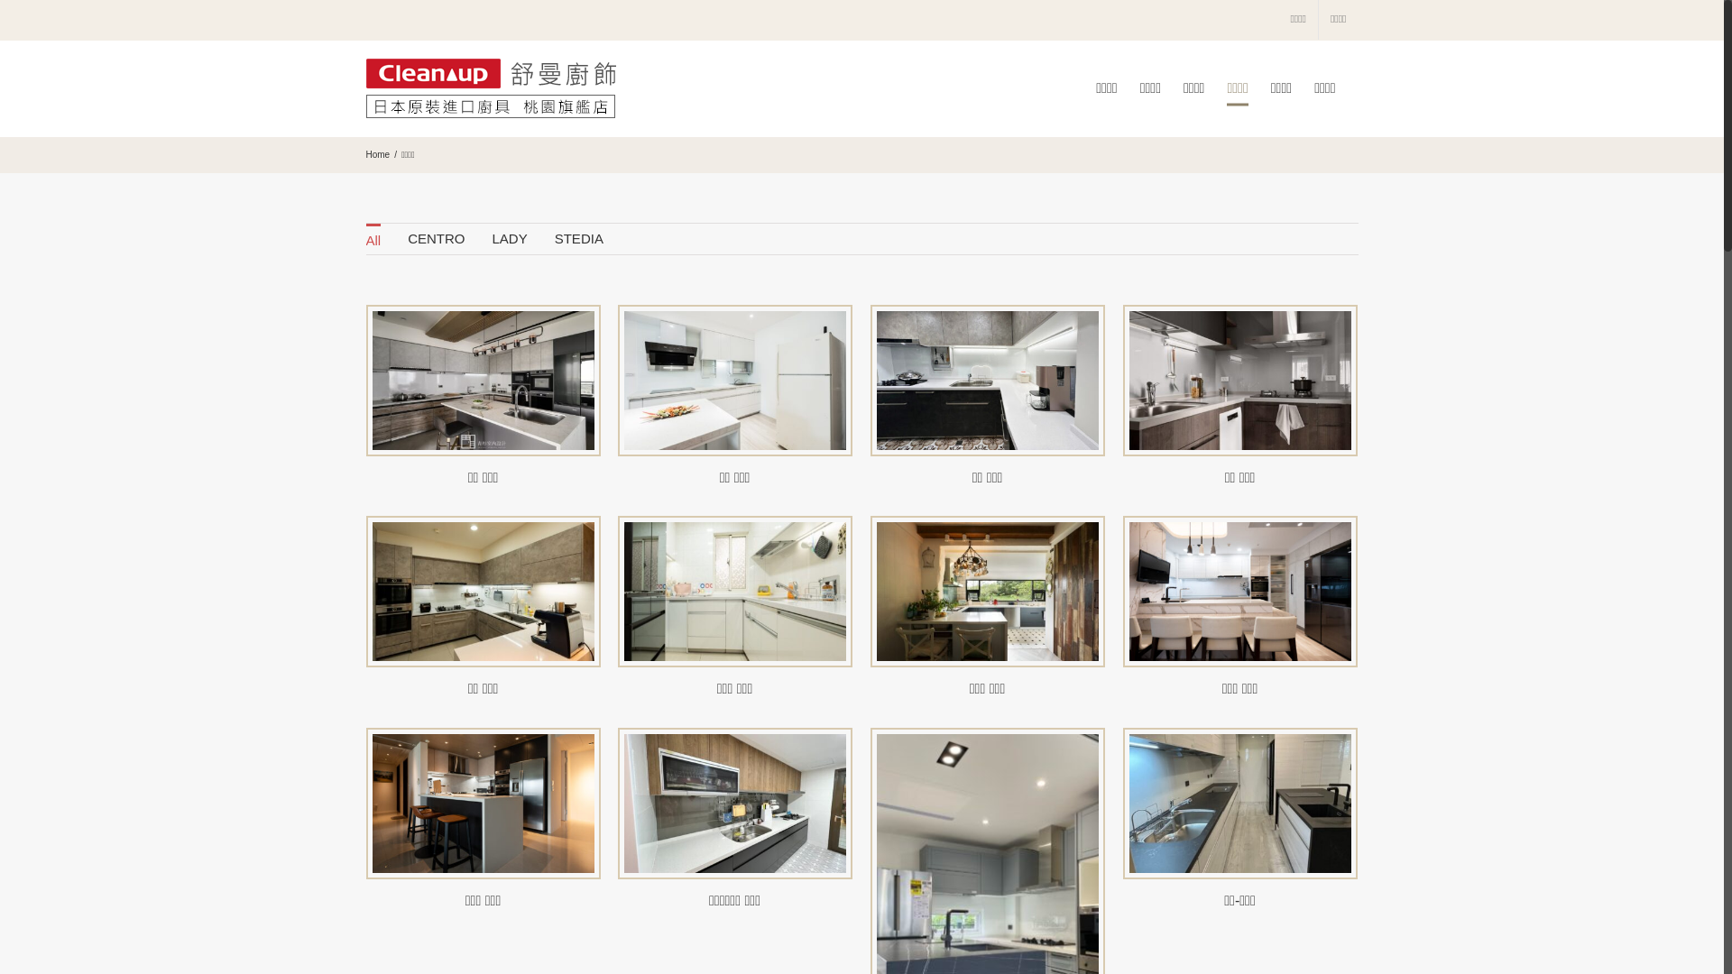 The height and width of the screenshot is (974, 1732). Describe the element at coordinates (406, 238) in the screenshot. I see `'CENTRO'` at that location.